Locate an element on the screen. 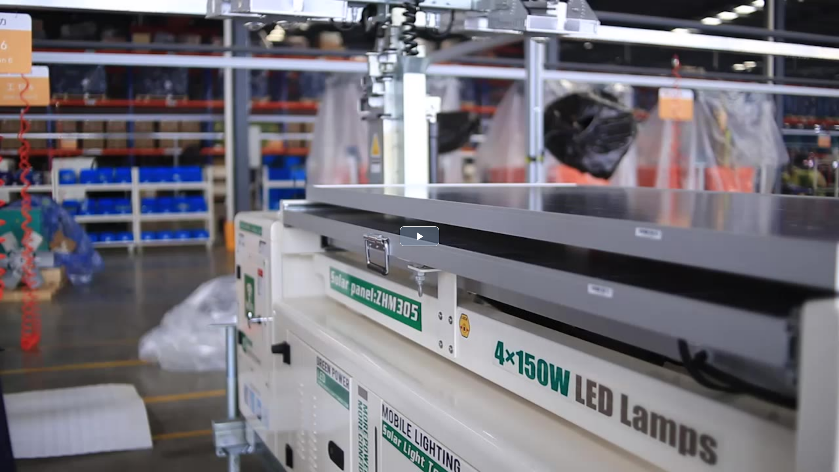 The image size is (839, 472). 'Play Video' is located at coordinates (419, 236).